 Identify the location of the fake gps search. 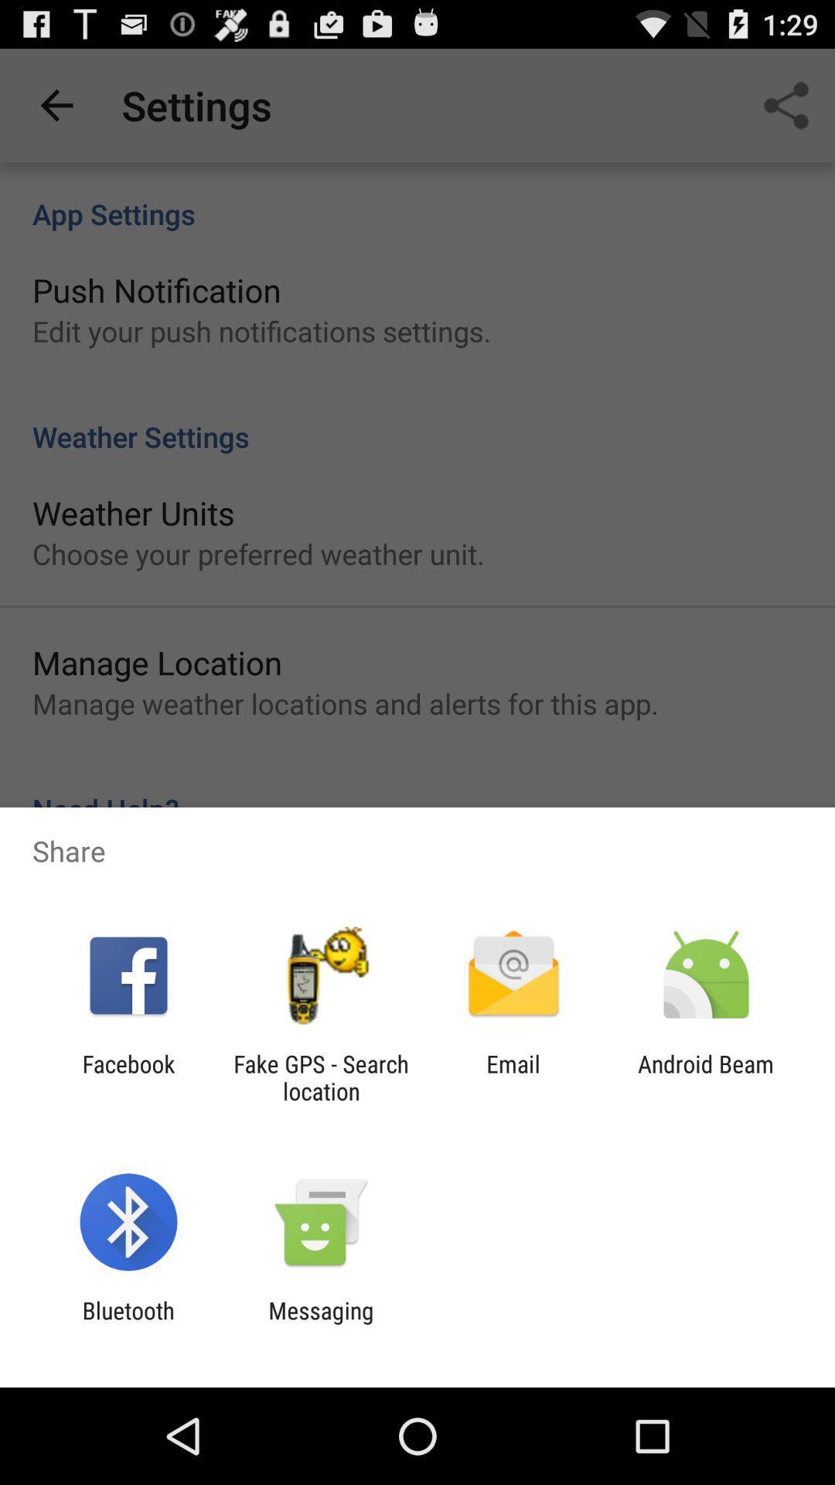
(320, 1077).